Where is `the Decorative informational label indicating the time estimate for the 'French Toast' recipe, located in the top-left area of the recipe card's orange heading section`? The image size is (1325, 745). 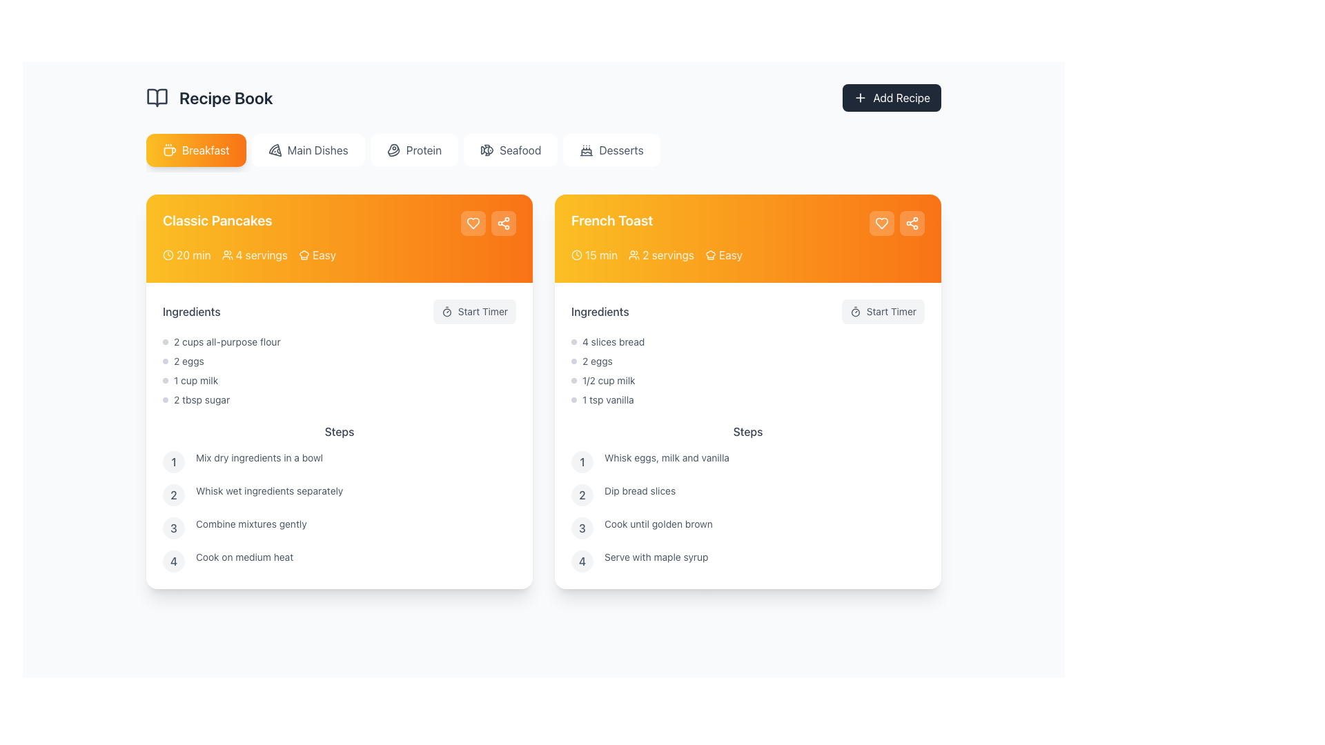 the Decorative informational label indicating the time estimate for the 'French Toast' recipe, located in the top-left area of the recipe card's orange heading section is located at coordinates (594, 255).